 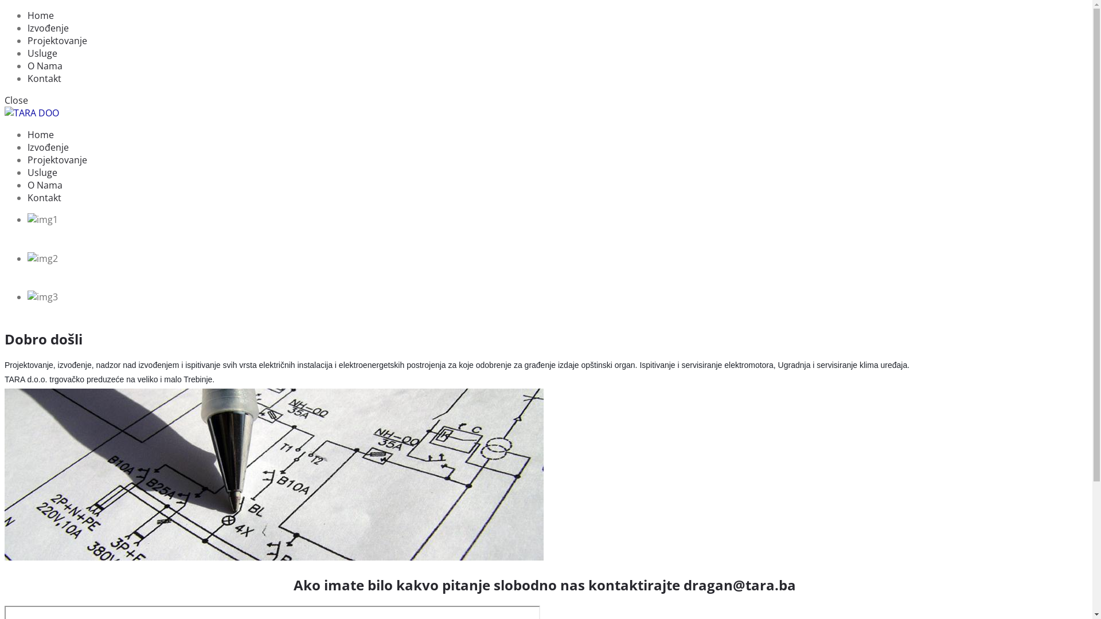 I want to click on 'O Nama', so click(x=45, y=185).